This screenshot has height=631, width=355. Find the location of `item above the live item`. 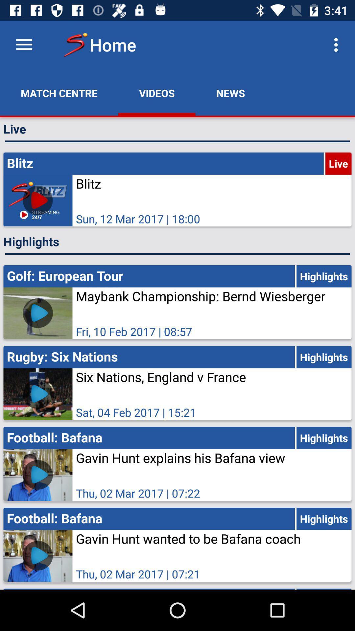

item above the live item is located at coordinates (59, 93).